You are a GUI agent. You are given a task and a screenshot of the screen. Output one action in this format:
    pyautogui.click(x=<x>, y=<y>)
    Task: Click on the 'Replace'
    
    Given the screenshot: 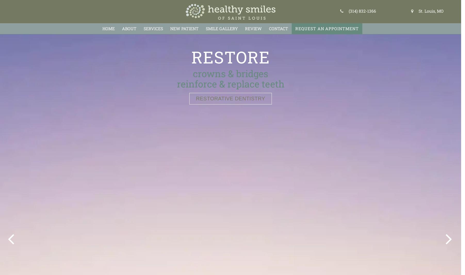 What is the action you would take?
    pyautogui.click(x=230, y=56)
    